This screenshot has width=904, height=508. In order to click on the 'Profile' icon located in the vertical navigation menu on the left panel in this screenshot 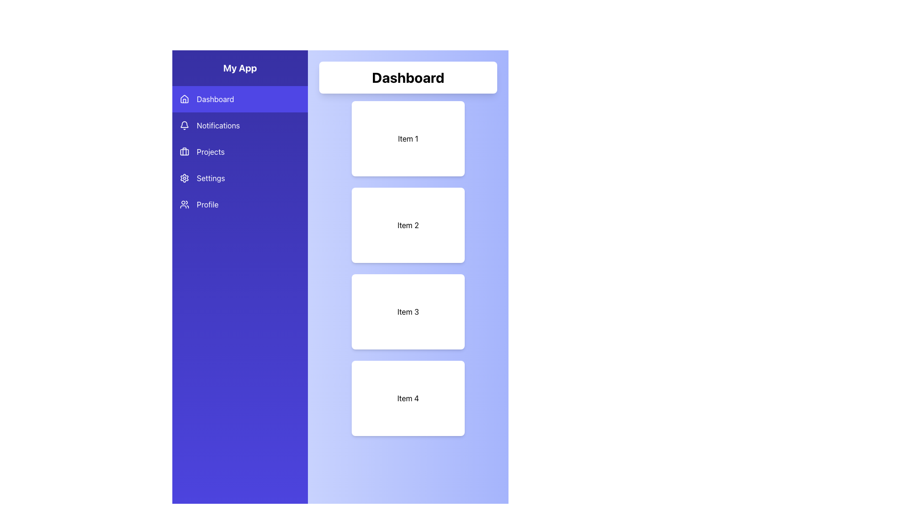, I will do `click(185, 204)`.